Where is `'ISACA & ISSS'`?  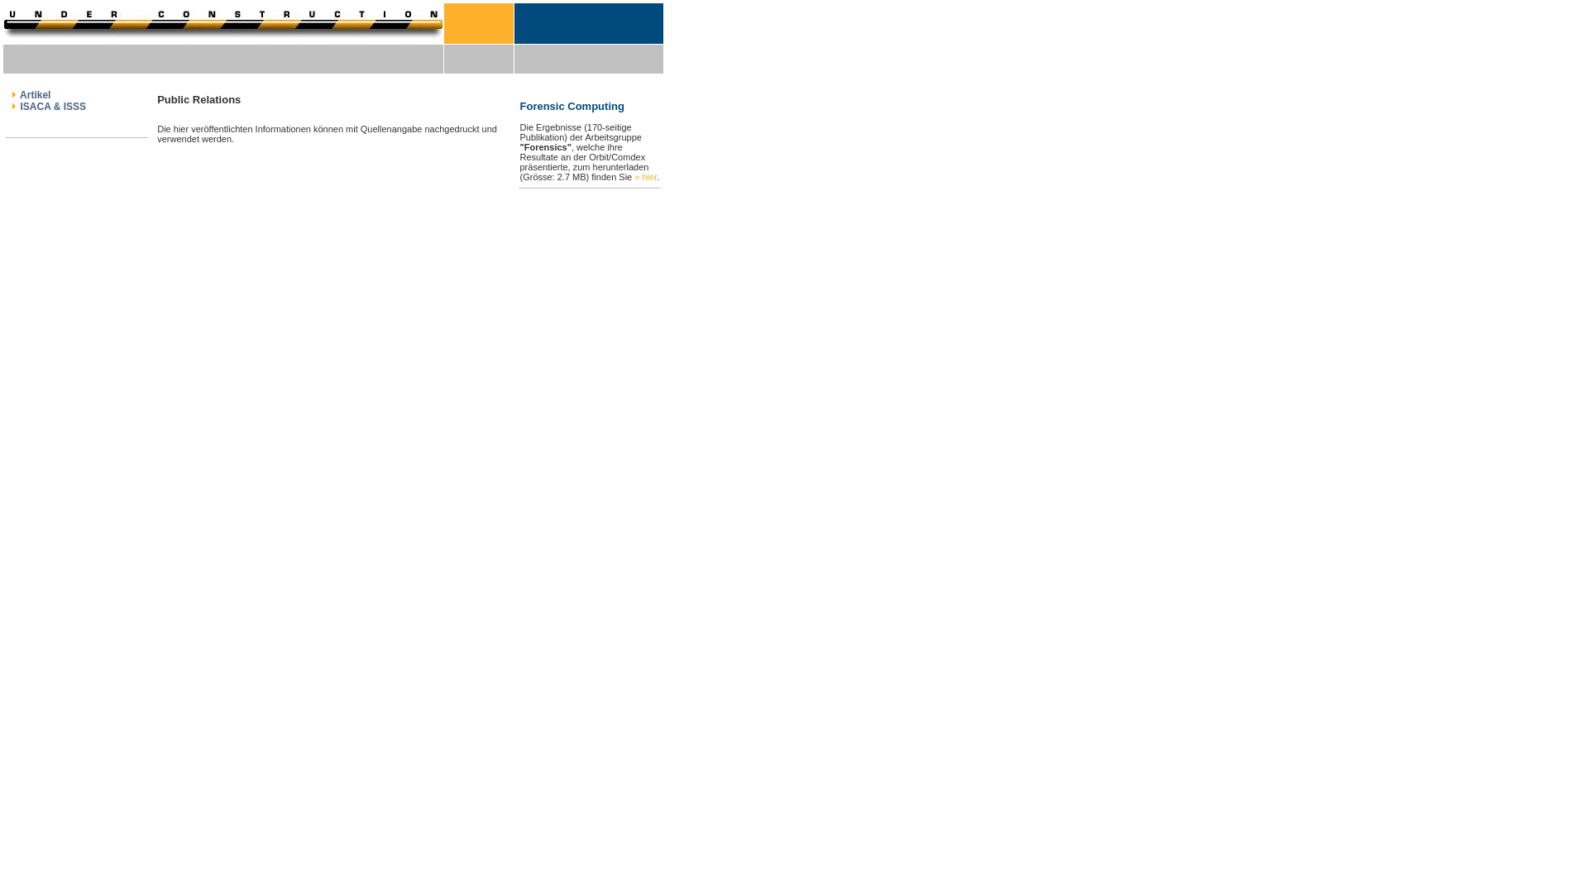 'ISACA & ISSS' is located at coordinates (51, 106).